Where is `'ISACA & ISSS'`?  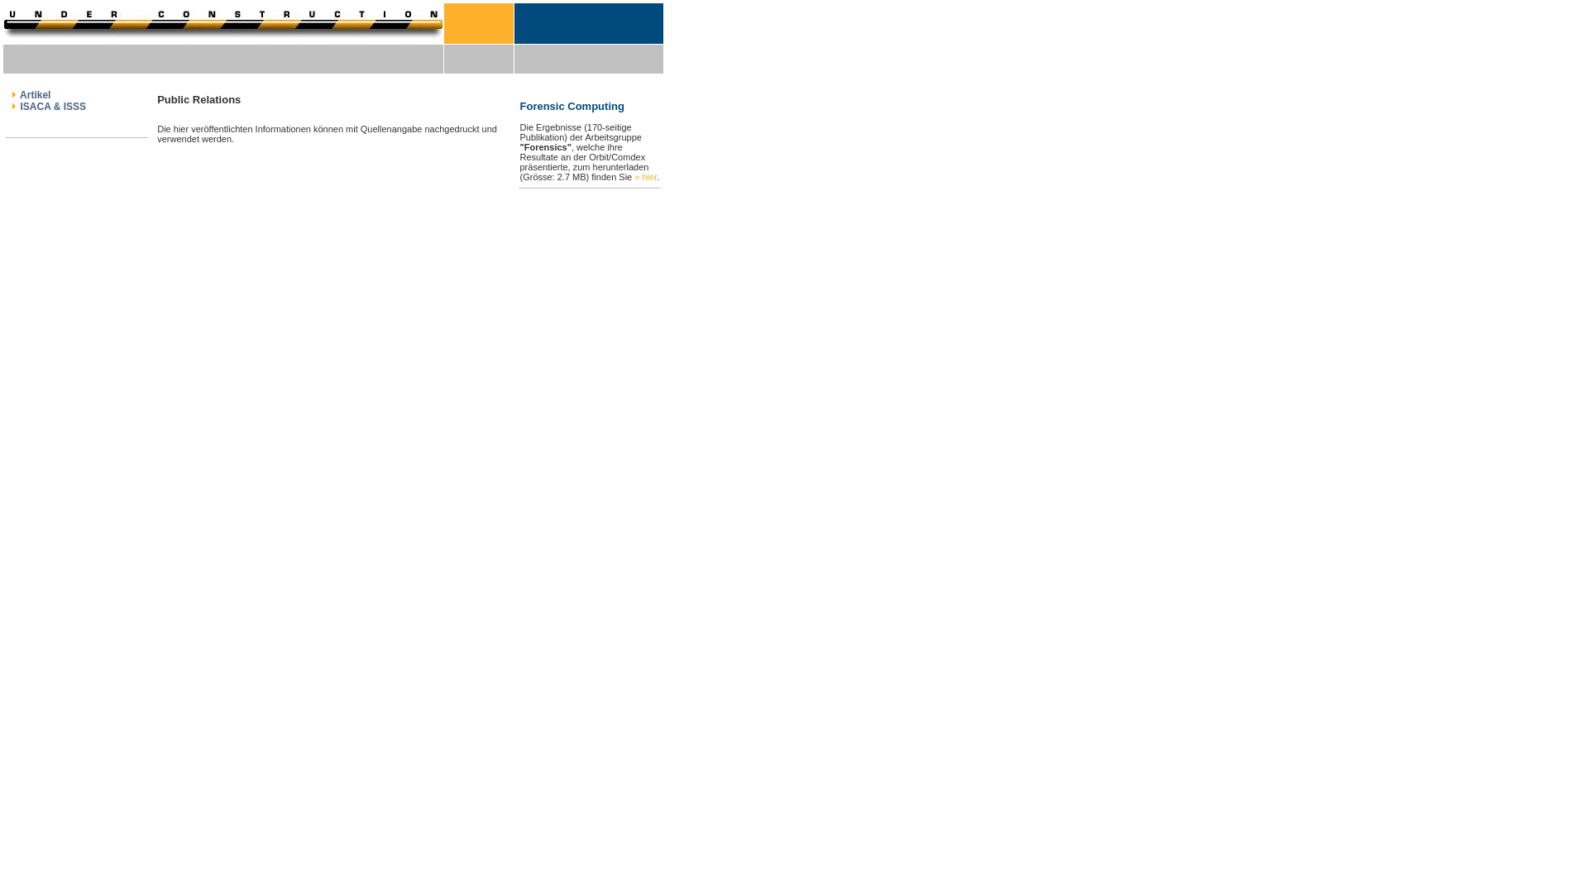 'ISACA & ISSS' is located at coordinates (51, 106).